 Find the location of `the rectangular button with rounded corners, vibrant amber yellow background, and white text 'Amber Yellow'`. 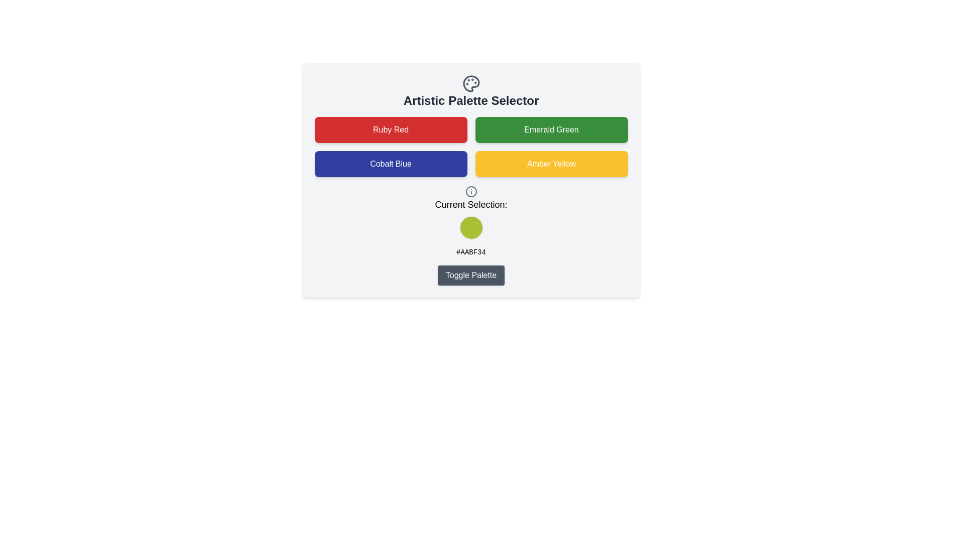

the rectangular button with rounded corners, vibrant amber yellow background, and white text 'Amber Yellow' is located at coordinates (551, 164).